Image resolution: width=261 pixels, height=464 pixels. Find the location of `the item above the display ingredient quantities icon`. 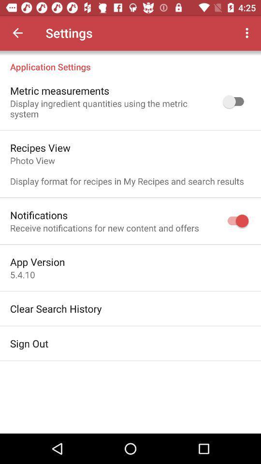

the item above the display ingredient quantities icon is located at coordinates (59, 90).